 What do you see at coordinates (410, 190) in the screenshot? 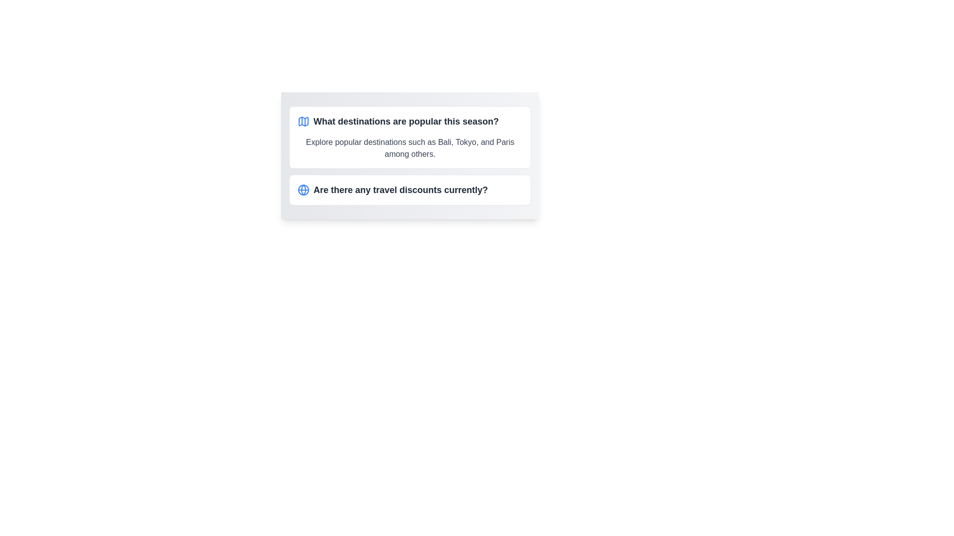
I see `the text block with an icon that presents information related to travel discounts, located below the section titled 'What destinations are popular this season?'` at bounding box center [410, 190].